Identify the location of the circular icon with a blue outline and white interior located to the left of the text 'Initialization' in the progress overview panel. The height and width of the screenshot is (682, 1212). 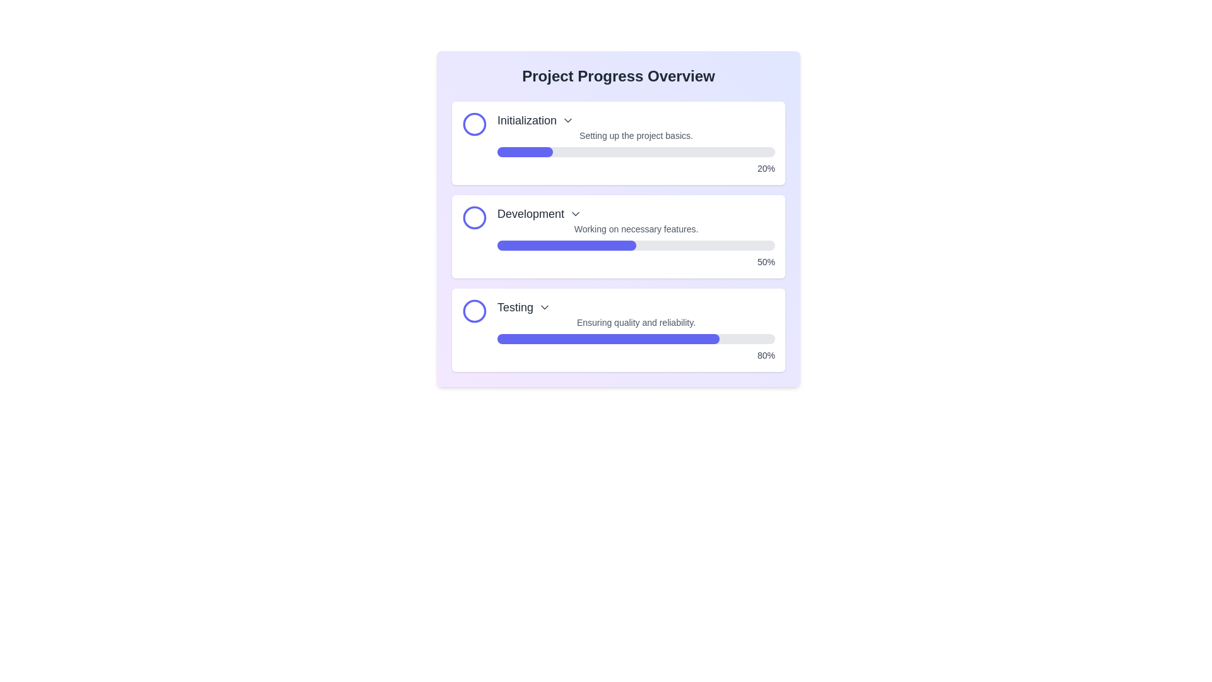
(474, 124).